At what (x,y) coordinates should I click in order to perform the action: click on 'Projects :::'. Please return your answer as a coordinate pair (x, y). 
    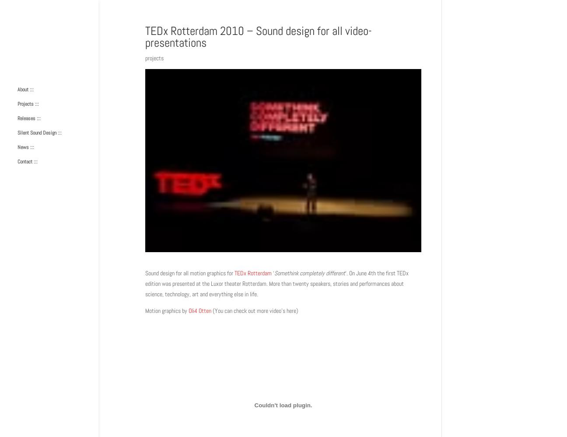
    Looking at the image, I should click on (28, 104).